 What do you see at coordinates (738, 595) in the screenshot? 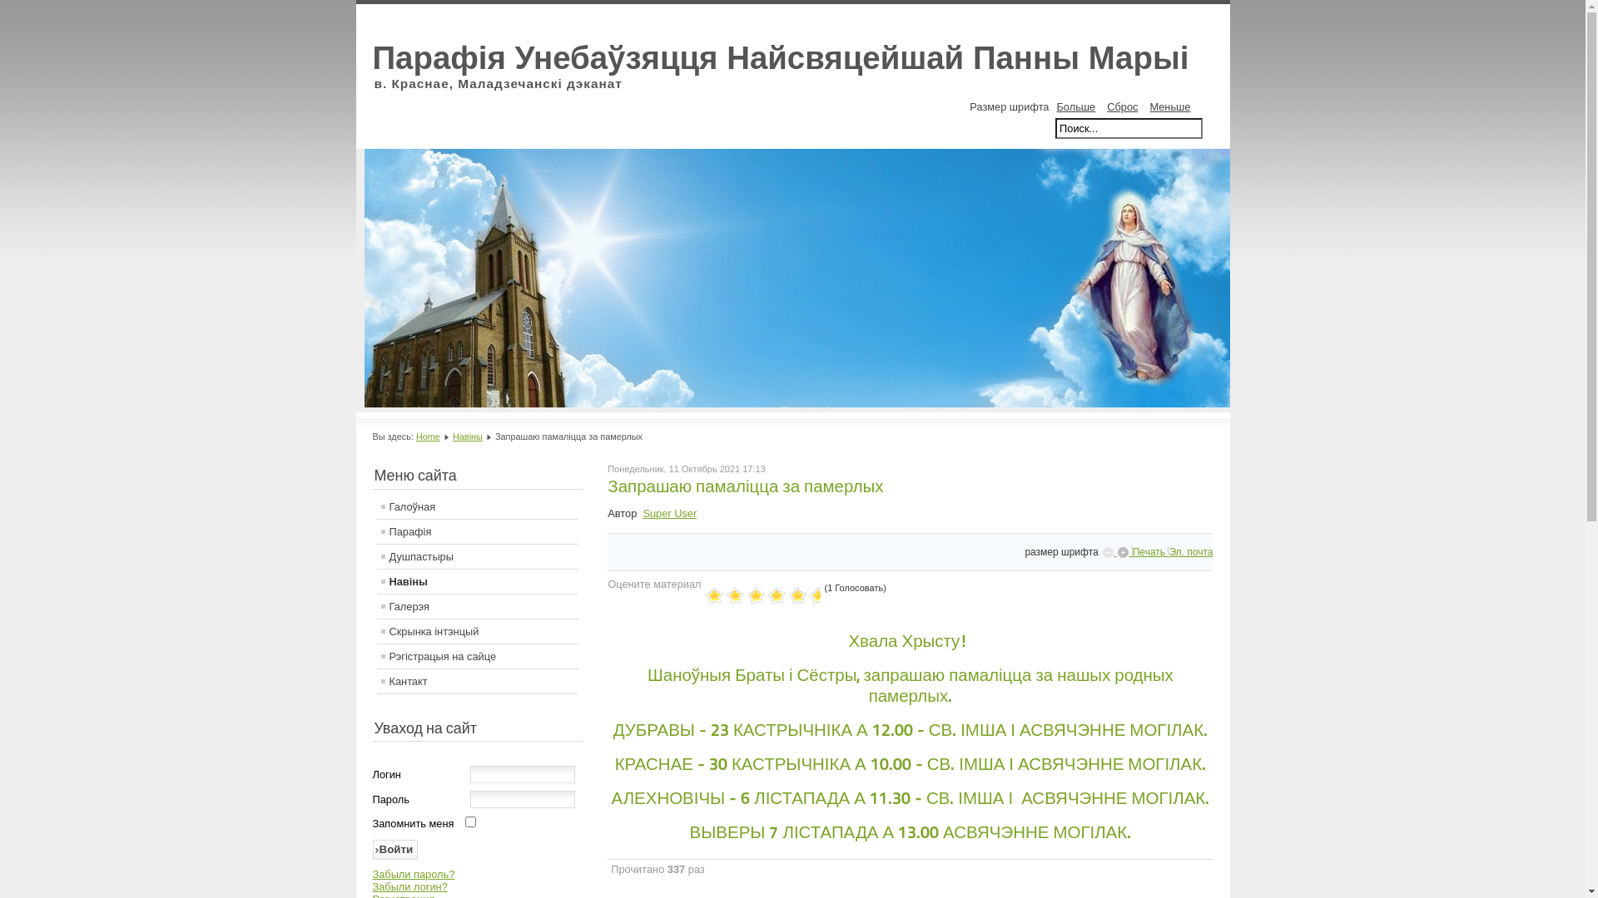
I see `'3'` at bounding box center [738, 595].